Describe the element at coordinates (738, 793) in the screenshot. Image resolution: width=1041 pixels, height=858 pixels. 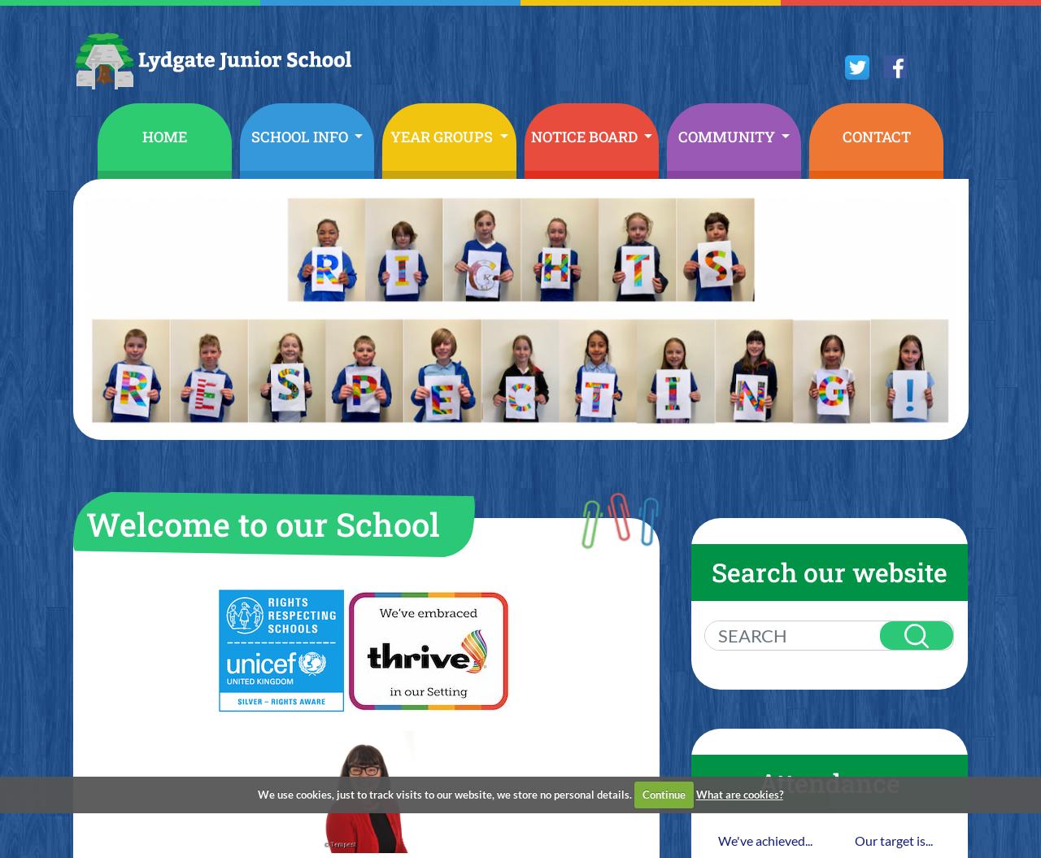
I see `'What are cookies?'` at that location.